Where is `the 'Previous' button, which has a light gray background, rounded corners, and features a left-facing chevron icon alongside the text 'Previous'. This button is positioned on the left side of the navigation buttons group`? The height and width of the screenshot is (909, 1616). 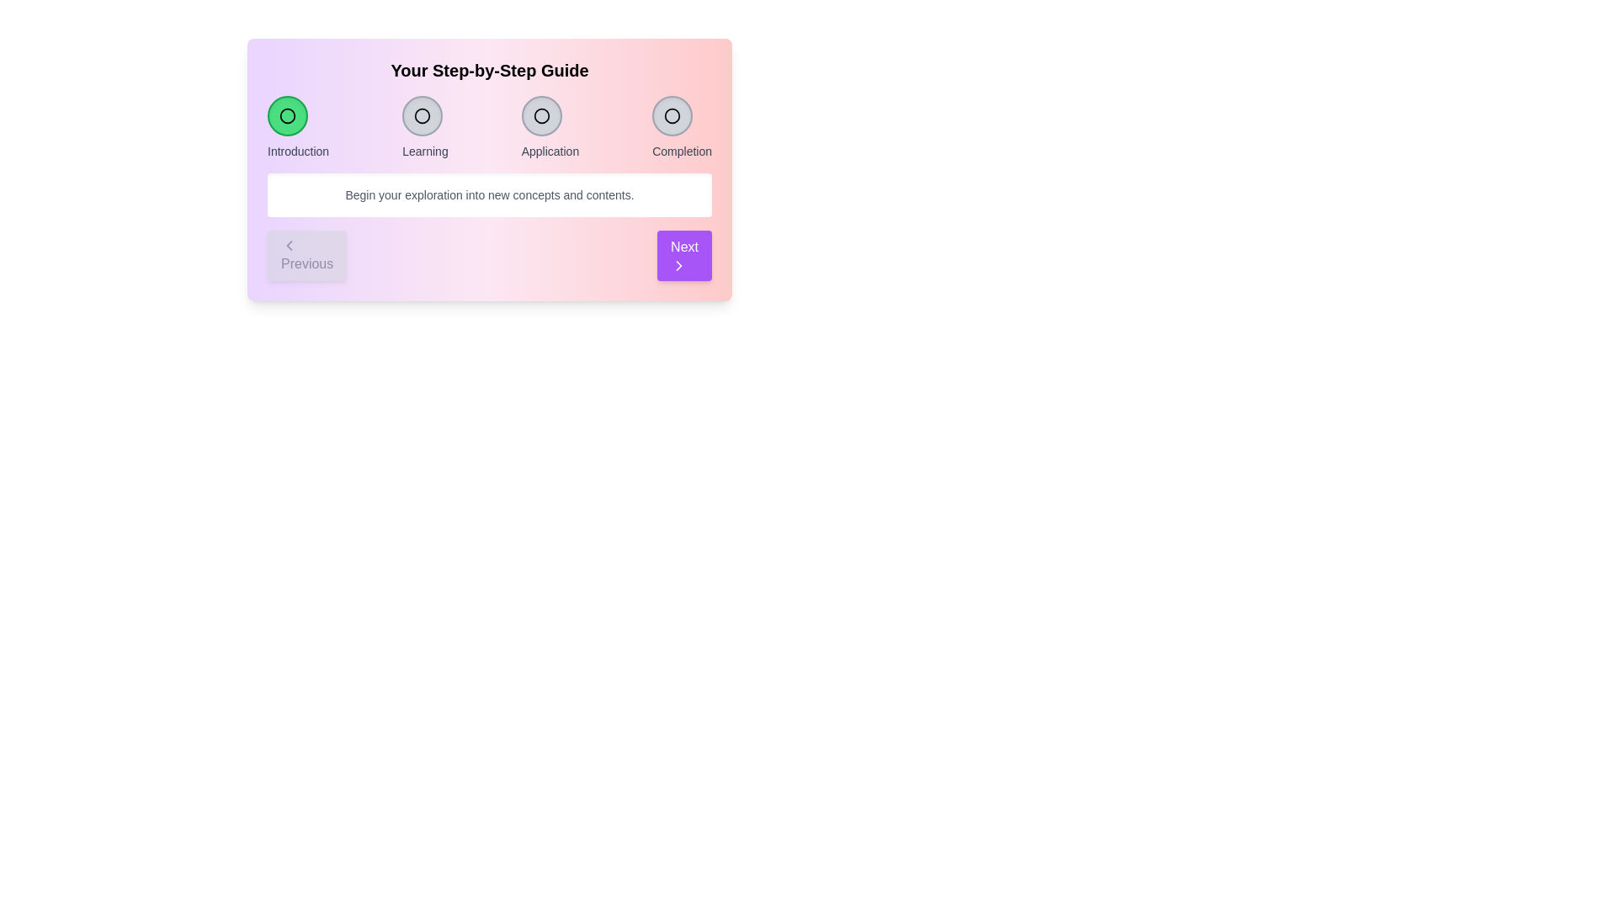 the 'Previous' button, which has a light gray background, rounded corners, and features a left-facing chevron icon alongside the text 'Previous'. This button is positioned on the left side of the navigation buttons group is located at coordinates (307, 256).